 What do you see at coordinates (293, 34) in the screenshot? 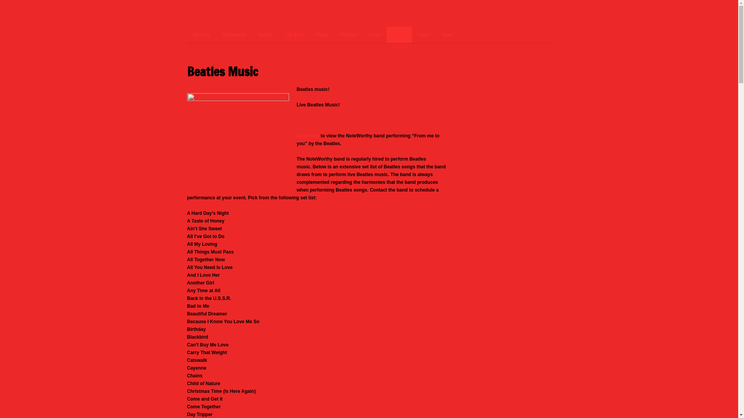
I see `'Live Band'` at bounding box center [293, 34].